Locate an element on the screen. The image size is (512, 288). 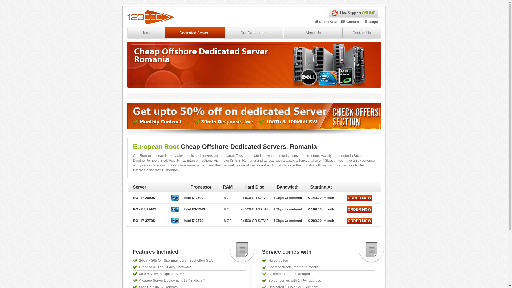
'ORDER NOW' is located at coordinates (359, 221).